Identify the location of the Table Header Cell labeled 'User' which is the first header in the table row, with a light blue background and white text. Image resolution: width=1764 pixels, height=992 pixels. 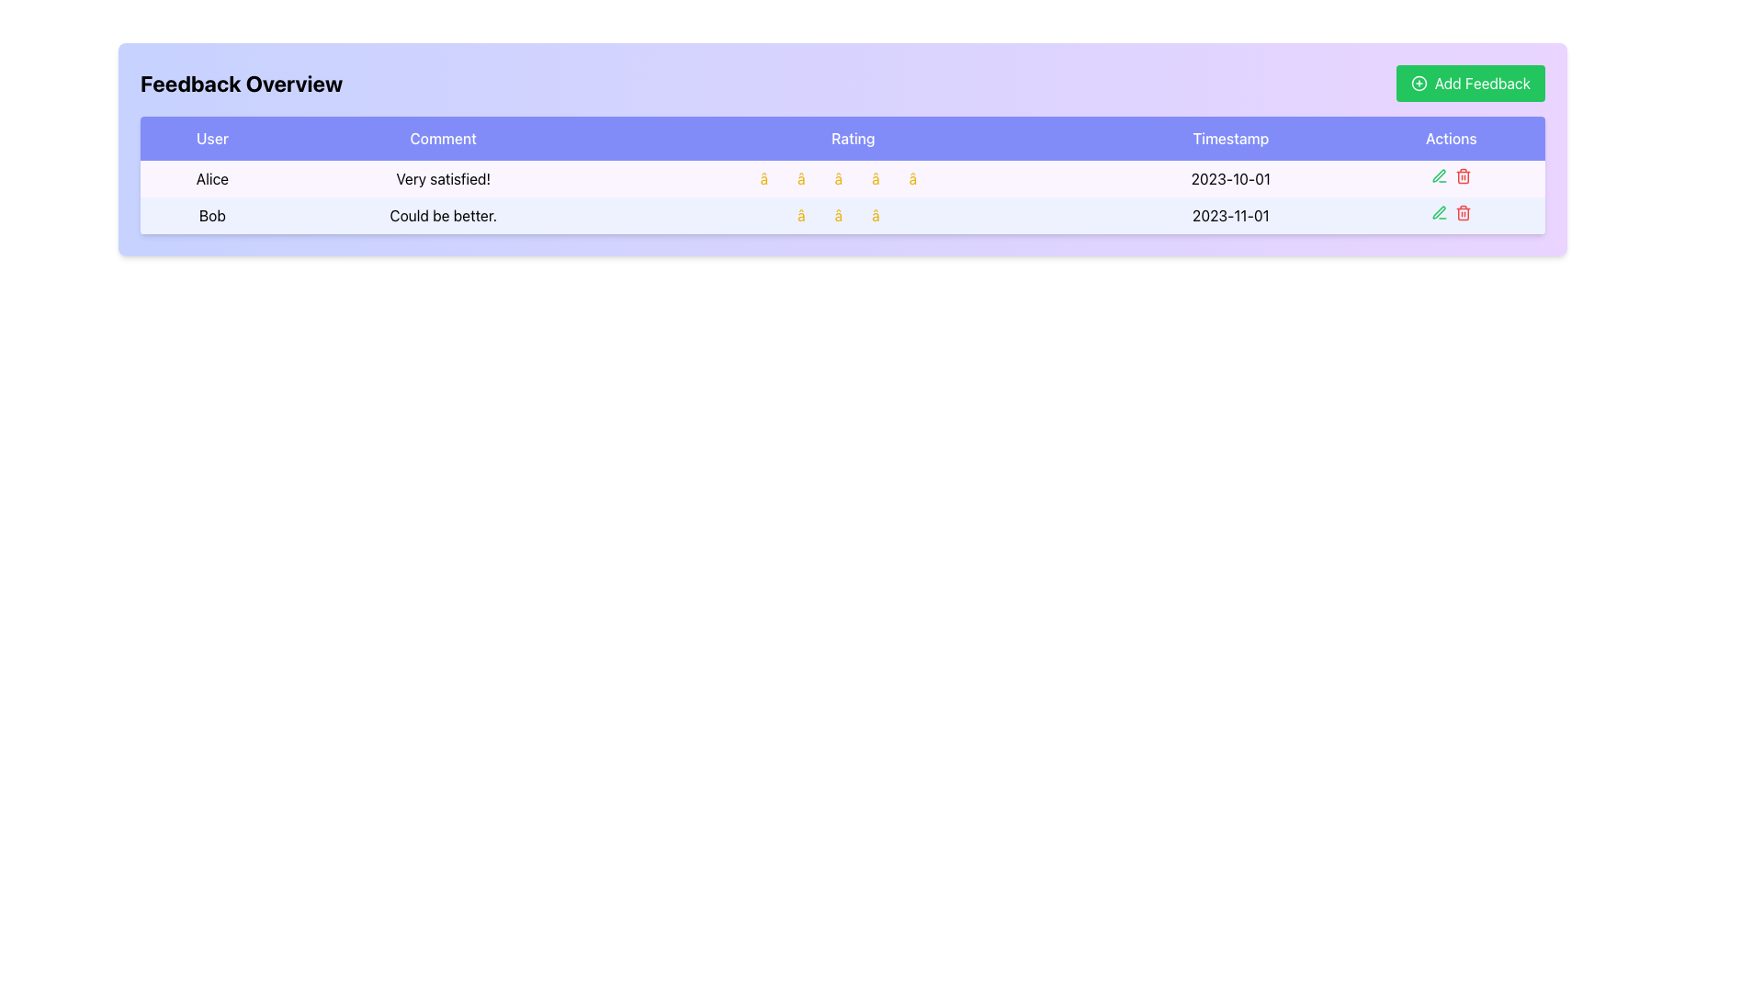
(212, 137).